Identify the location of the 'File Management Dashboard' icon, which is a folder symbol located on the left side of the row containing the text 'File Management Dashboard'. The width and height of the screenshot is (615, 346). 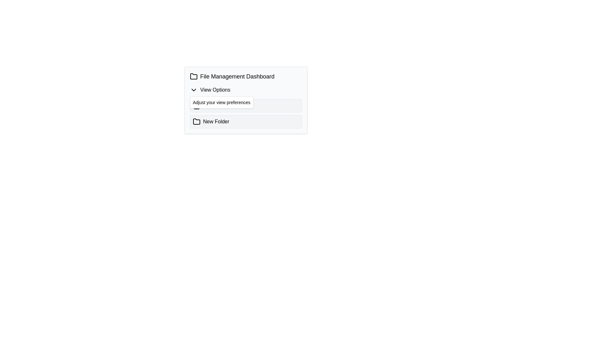
(193, 76).